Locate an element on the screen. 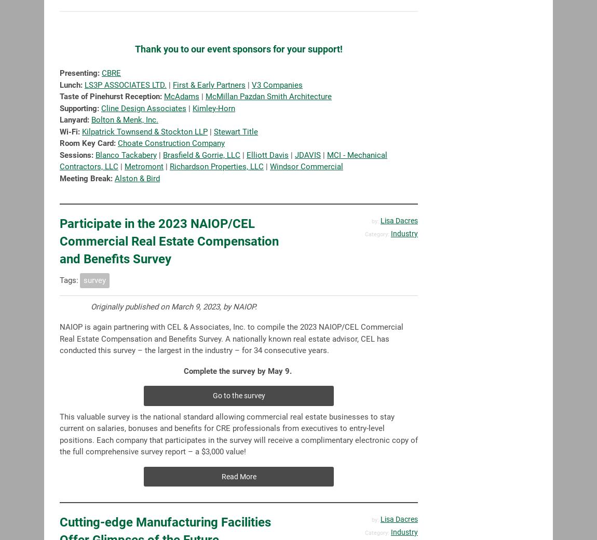 This screenshot has height=540, width=597. 'Participate in the 2023 NAIOP/CEL Commercial Real Estate Compensation and Benefits Survey' is located at coordinates (169, 241).